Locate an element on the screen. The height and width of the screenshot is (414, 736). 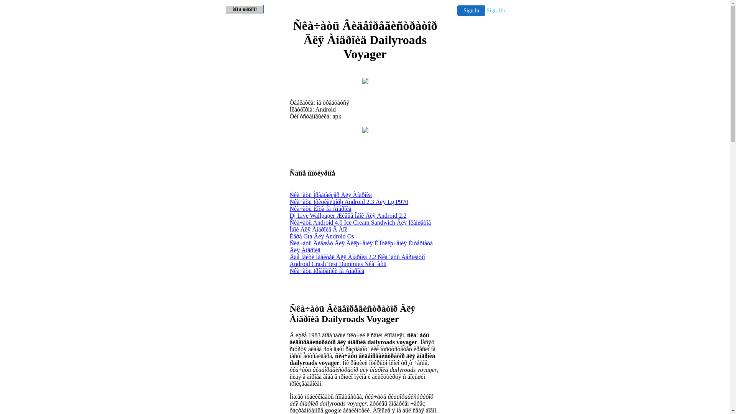
'Sign In' is located at coordinates (471, 10).